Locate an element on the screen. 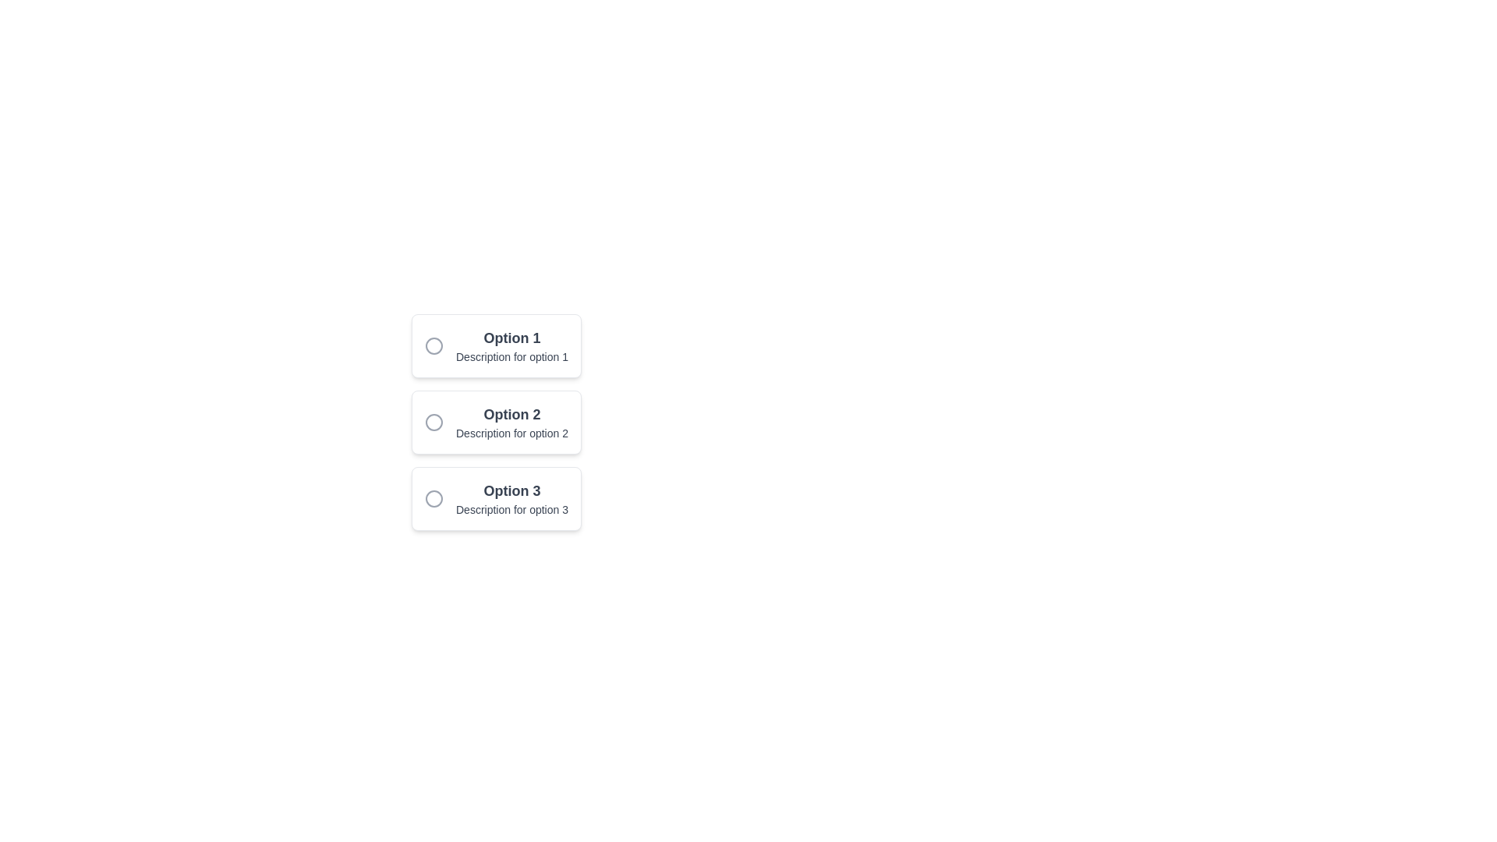 Image resolution: width=1497 pixels, height=842 pixels. the radio button graphic representing 'Option 3', which is the leading icon is located at coordinates (434, 499).